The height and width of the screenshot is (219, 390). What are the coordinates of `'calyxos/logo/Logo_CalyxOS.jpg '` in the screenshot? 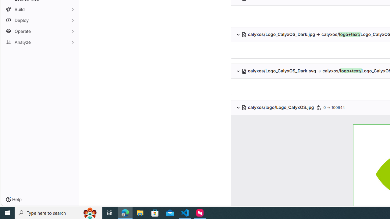 It's located at (278, 107).